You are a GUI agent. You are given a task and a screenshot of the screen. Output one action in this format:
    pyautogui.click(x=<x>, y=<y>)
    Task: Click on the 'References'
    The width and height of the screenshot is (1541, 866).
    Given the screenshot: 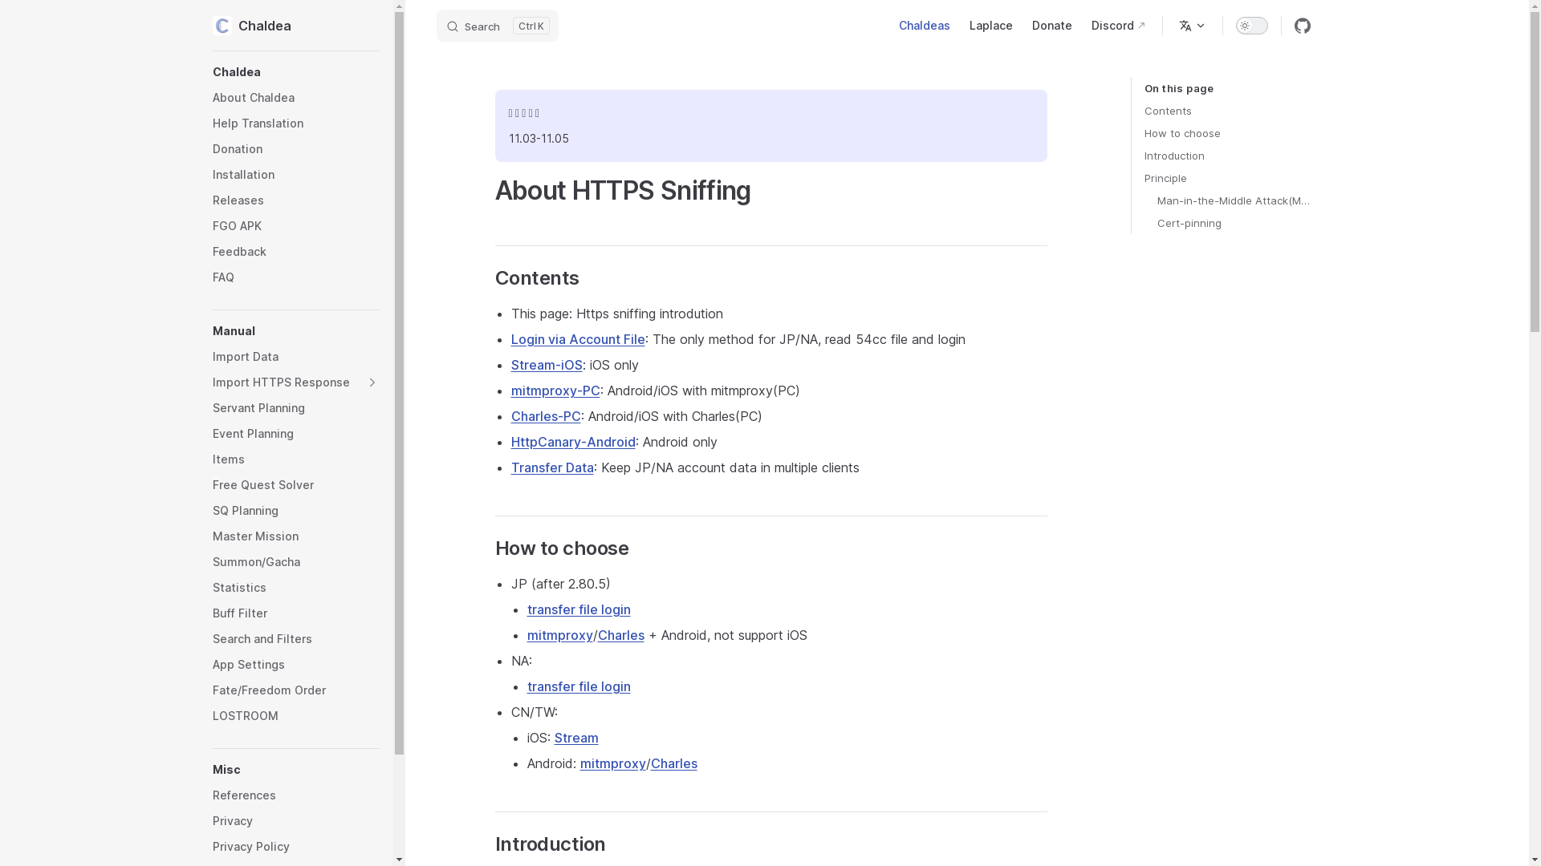 What is the action you would take?
    pyautogui.click(x=295, y=795)
    